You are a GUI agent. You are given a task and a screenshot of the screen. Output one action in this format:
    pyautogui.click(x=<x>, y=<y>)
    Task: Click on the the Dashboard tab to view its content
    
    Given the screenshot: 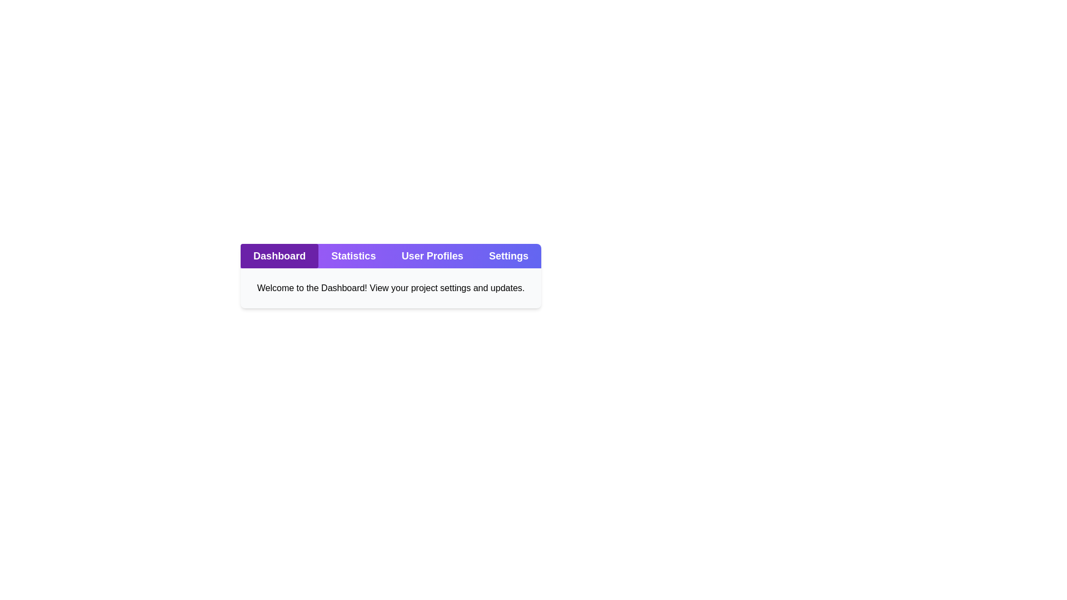 What is the action you would take?
    pyautogui.click(x=280, y=256)
    